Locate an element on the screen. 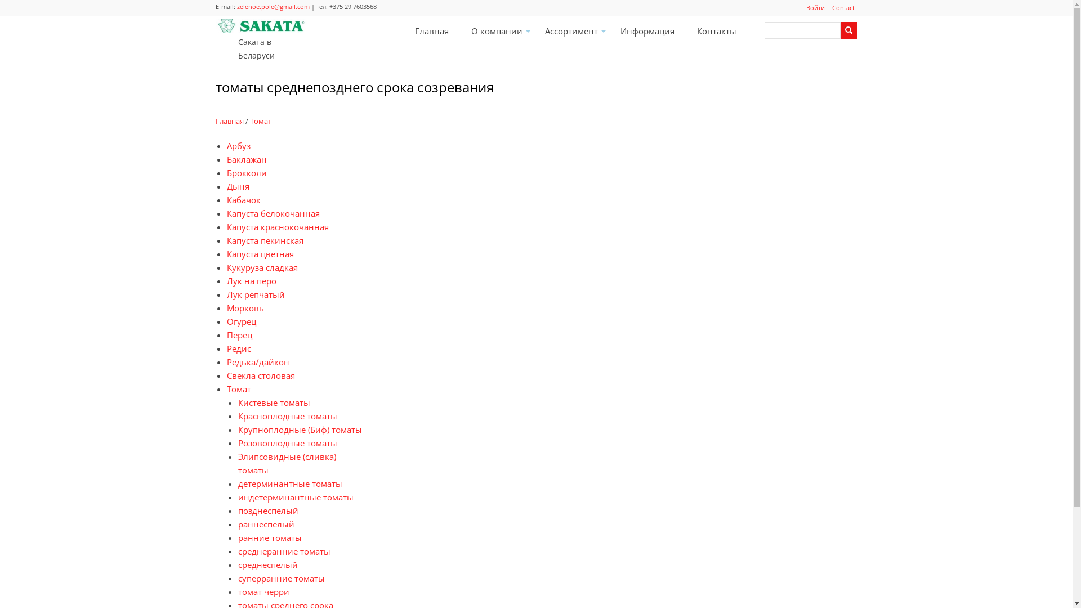  'Contact' is located at coordinates (843, 8).